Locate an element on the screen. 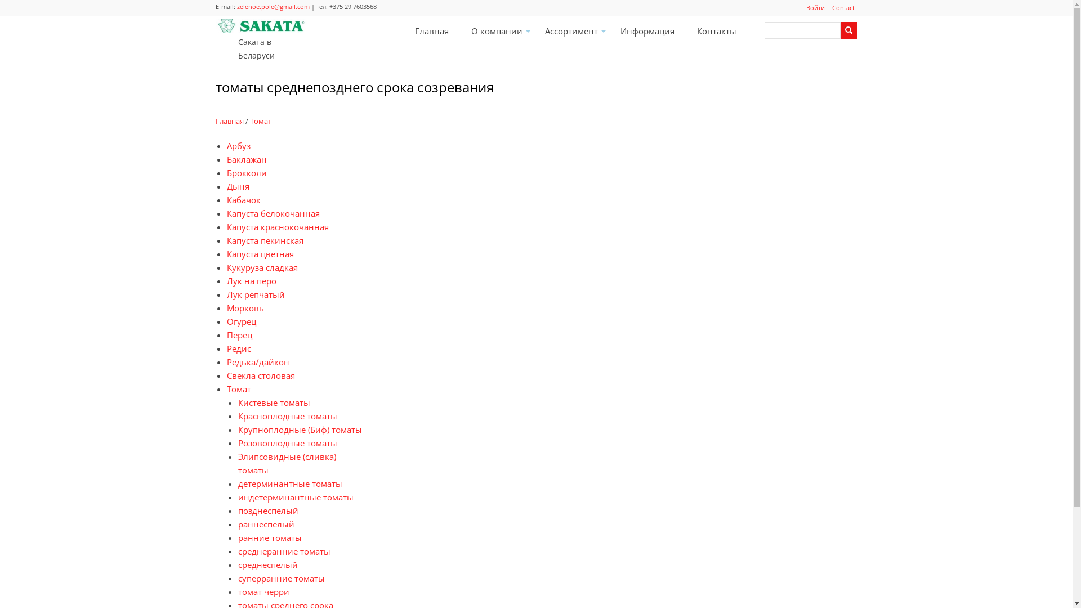  'Contact' is located at coordinates (843, 8).